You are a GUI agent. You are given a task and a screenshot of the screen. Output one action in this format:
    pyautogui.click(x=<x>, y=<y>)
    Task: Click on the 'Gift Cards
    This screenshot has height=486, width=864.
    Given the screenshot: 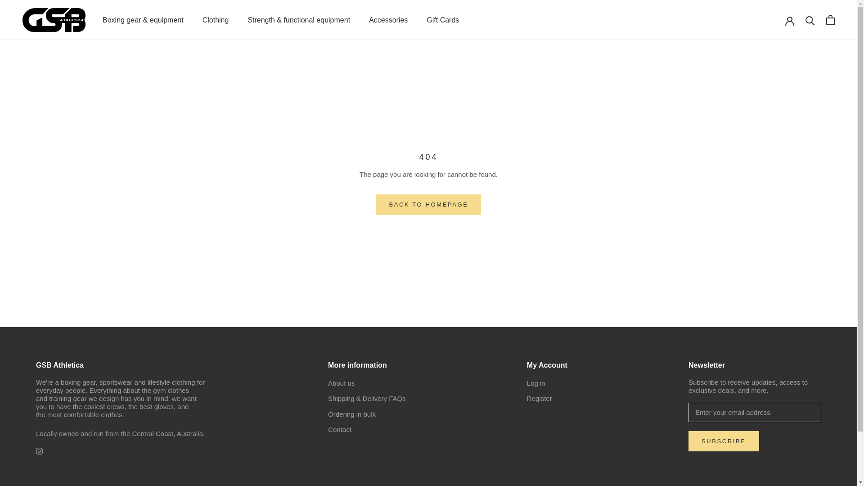 What is the action you would take?
    pyautogui.click(x=442, y=20)
    